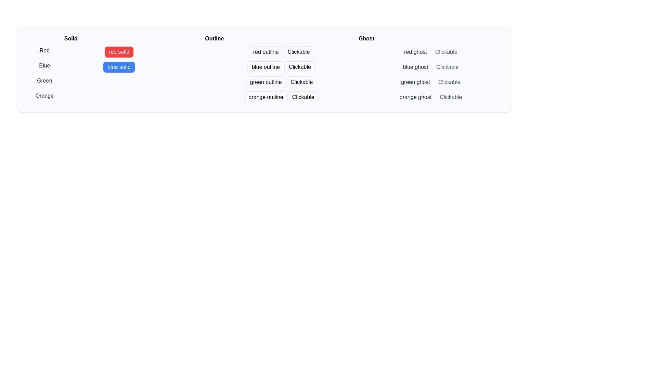 This screenshot has height=370, width=657. What do you see at coordinates (415, 51) in the screenshot?
I see `the non-interactive text display labeled 'red ghost' located in the 'Ghost' column of the grid, first row, to the left of the 'Clickable' element` at bounding box center [415, 51].